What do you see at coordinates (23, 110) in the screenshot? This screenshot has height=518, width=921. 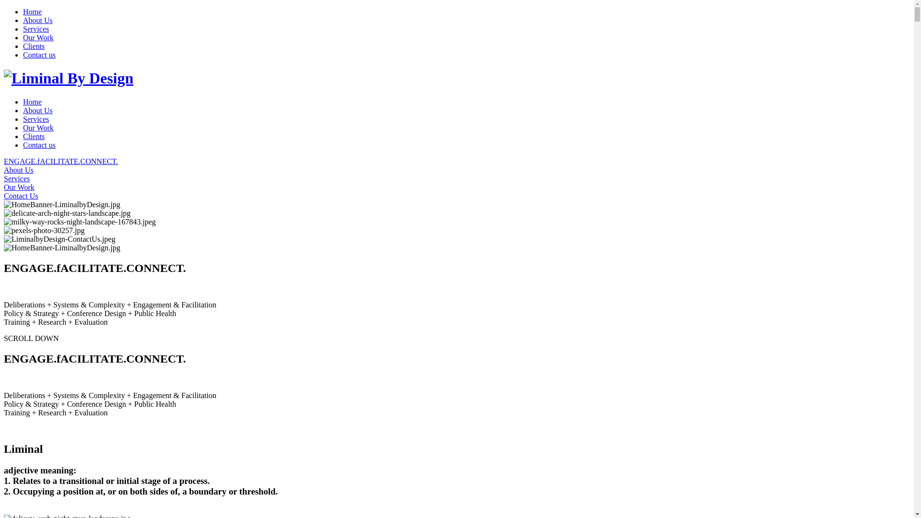 I see `'About Us'` at bounding box center [23, 110].